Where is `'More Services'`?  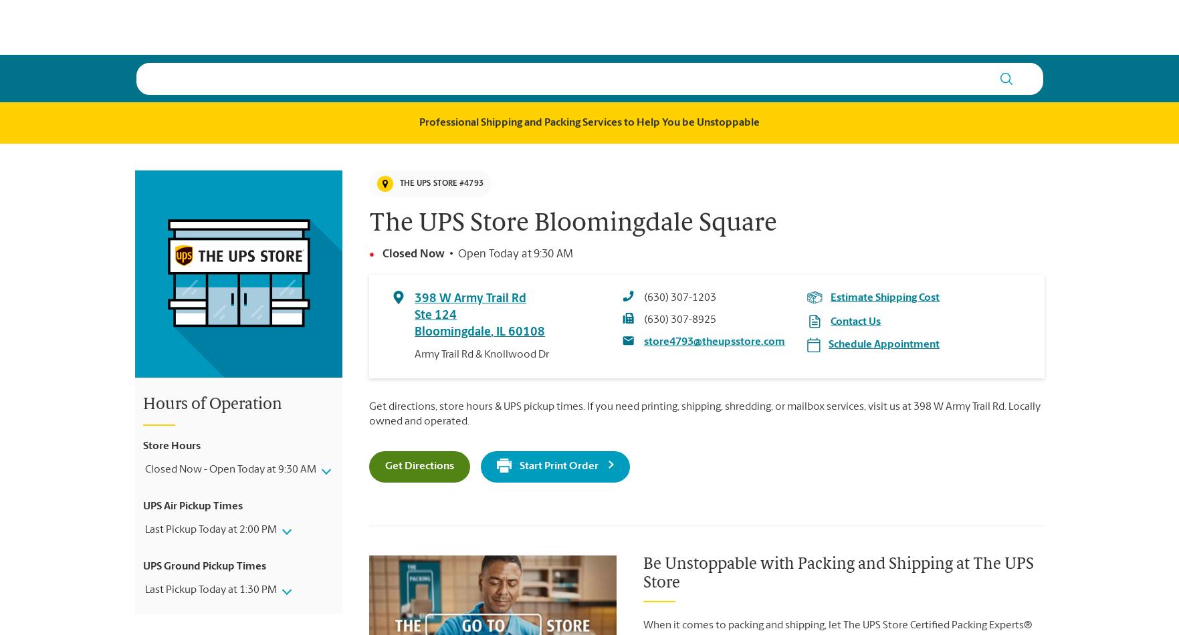
'More Services' is located at coordinates (659, 26).